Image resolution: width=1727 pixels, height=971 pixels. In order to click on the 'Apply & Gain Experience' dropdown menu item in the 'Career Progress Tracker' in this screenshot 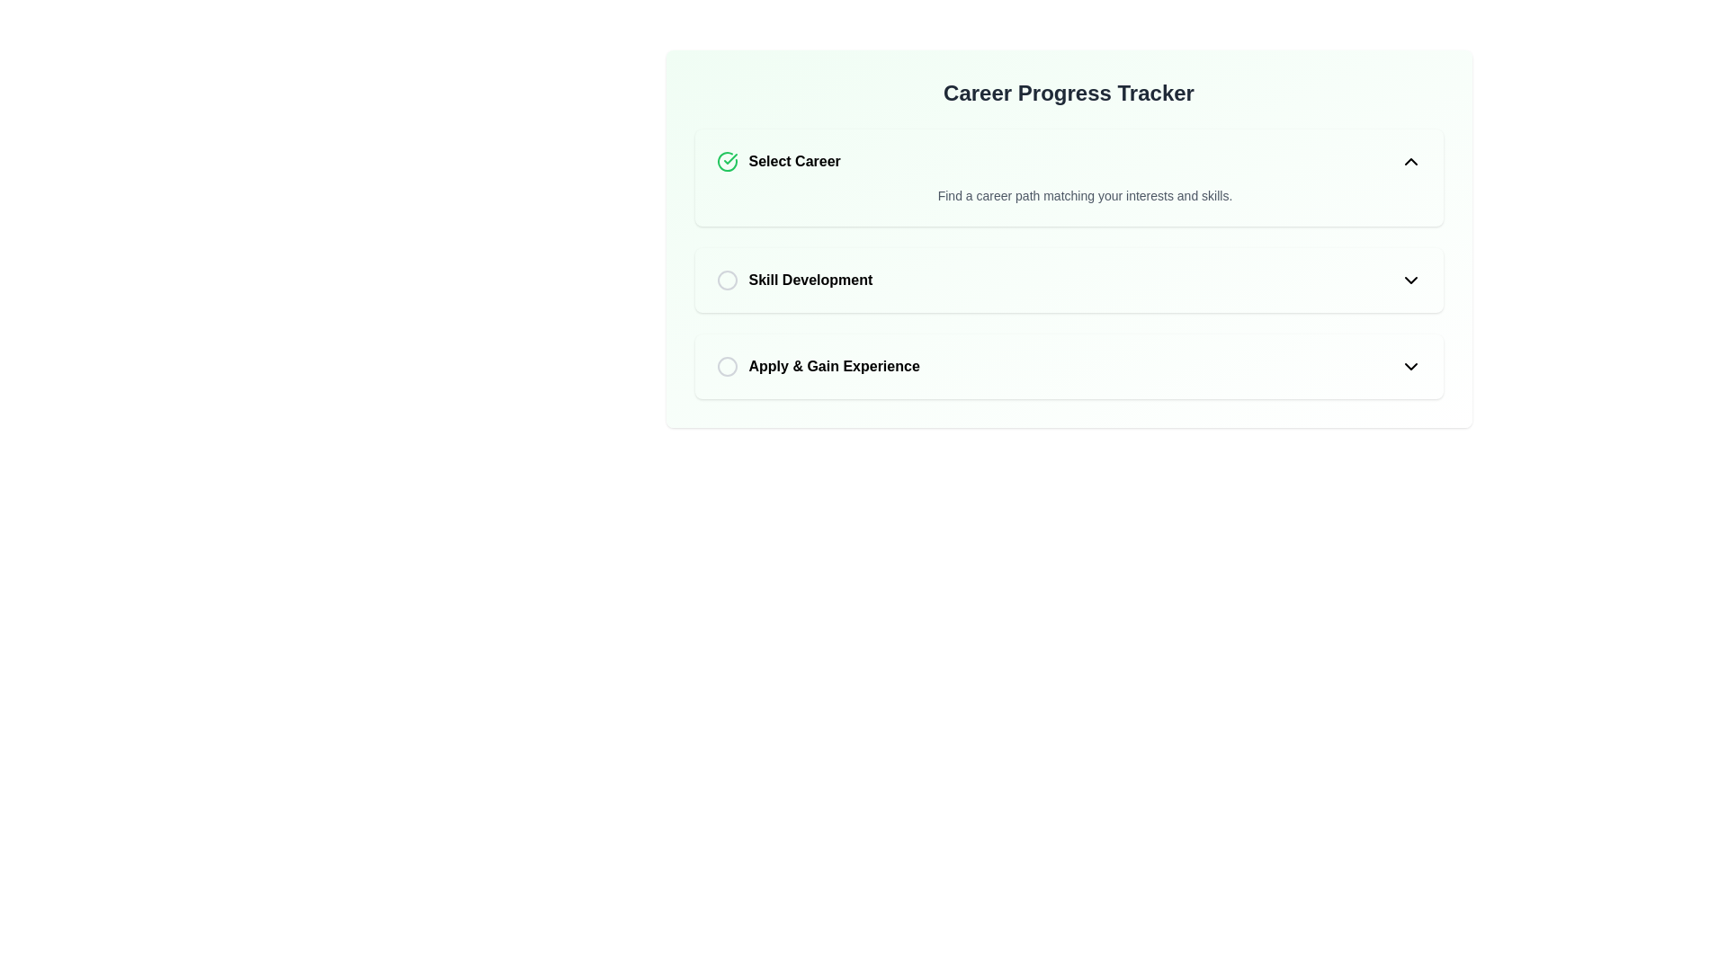, I will do `click(1069, 366)`.